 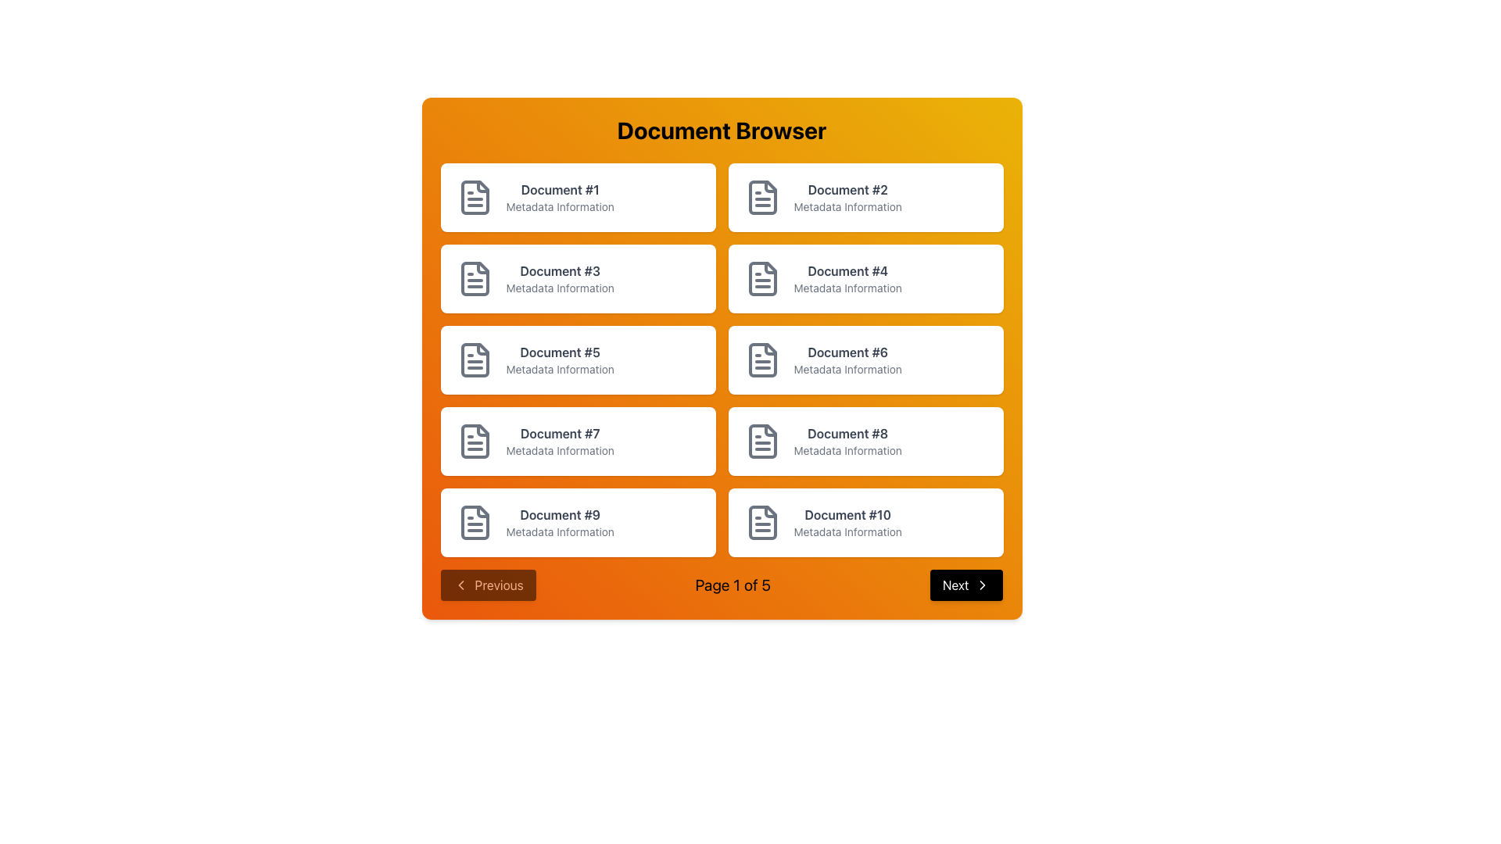 I want to click on the text label indicating the current page number within the pagination section at the bottom of the interface, positioned centrally between the 'Previous' and 'Next' buttons, so click(x=721, y=585).